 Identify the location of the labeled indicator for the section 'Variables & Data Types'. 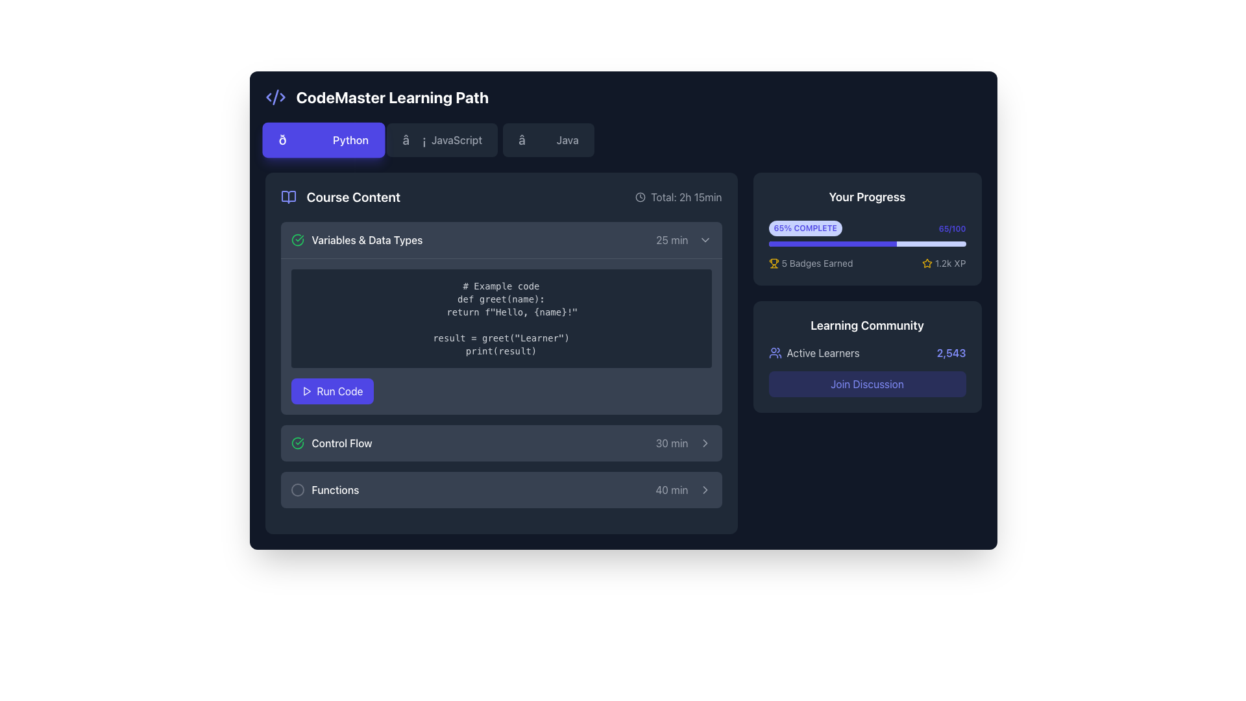
(356, 240).